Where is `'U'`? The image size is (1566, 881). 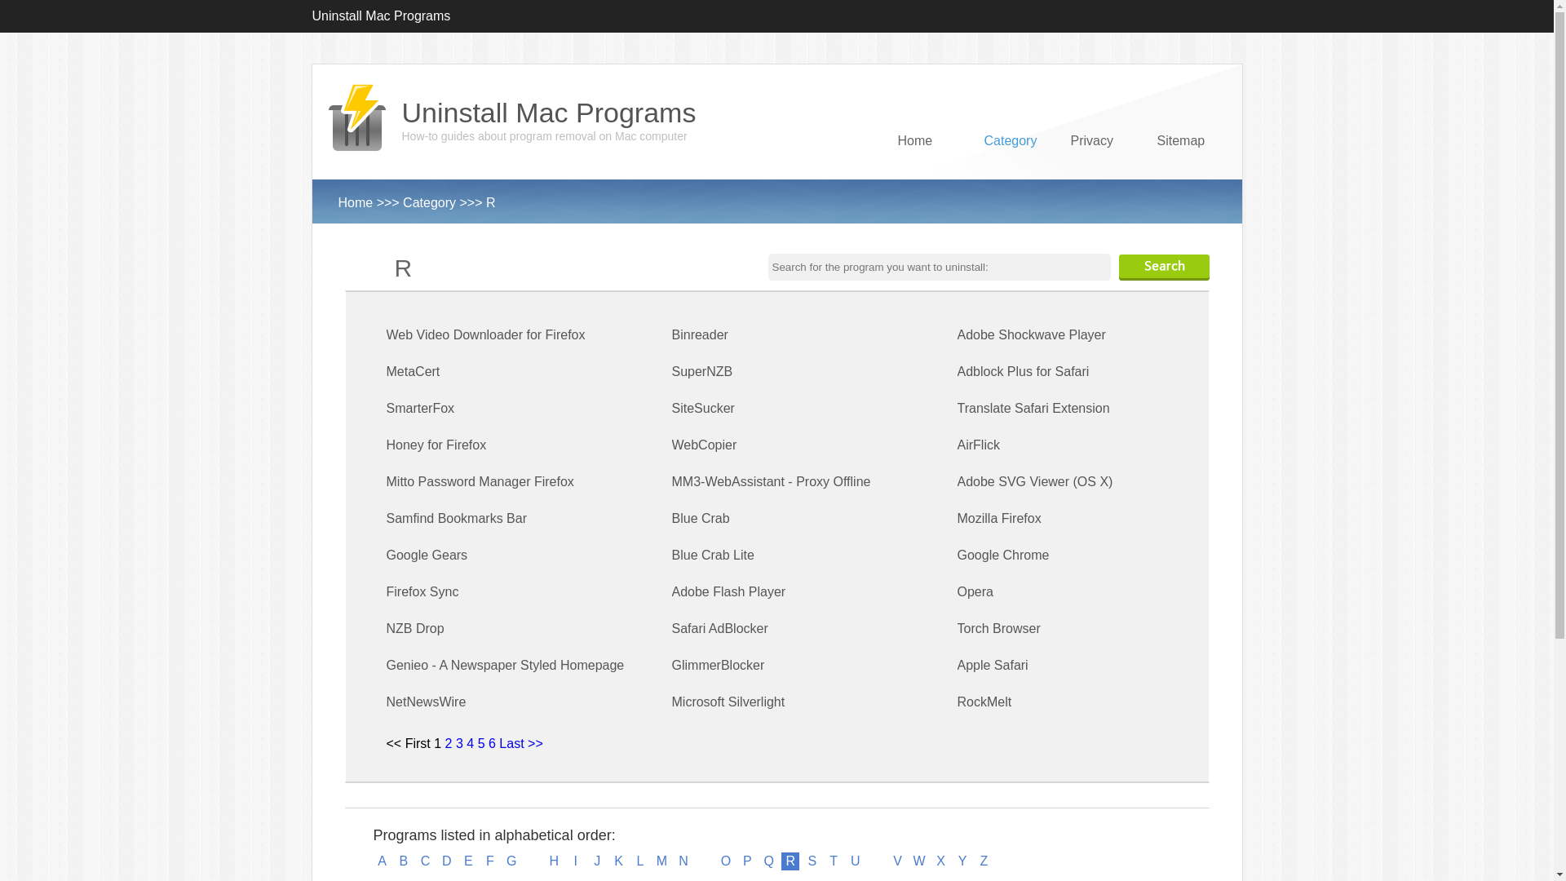
'U' is located at coordinates (855, 861).